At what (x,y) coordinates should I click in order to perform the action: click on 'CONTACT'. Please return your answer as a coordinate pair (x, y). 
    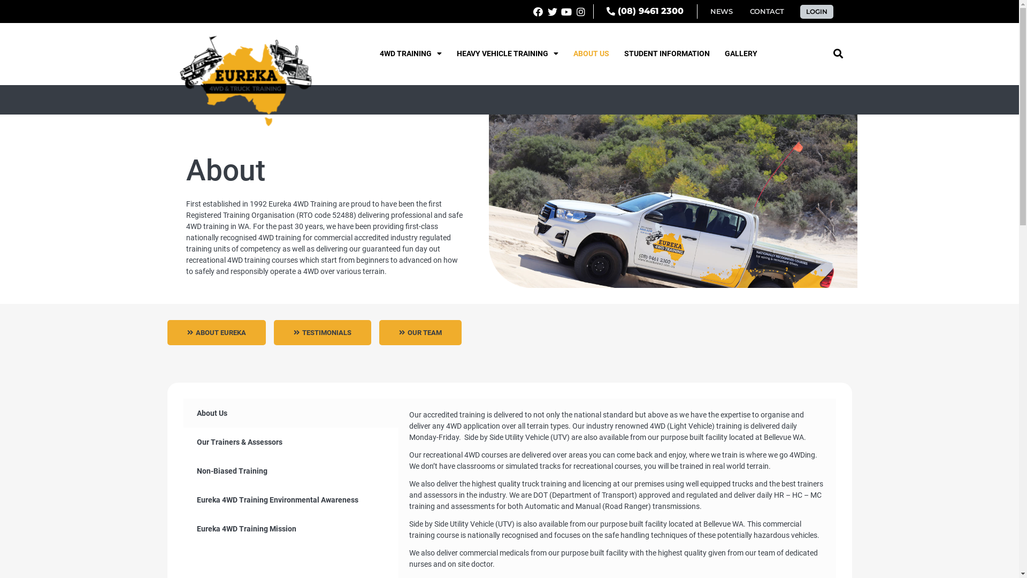
    Looking at the image, I should click on (766, 11).